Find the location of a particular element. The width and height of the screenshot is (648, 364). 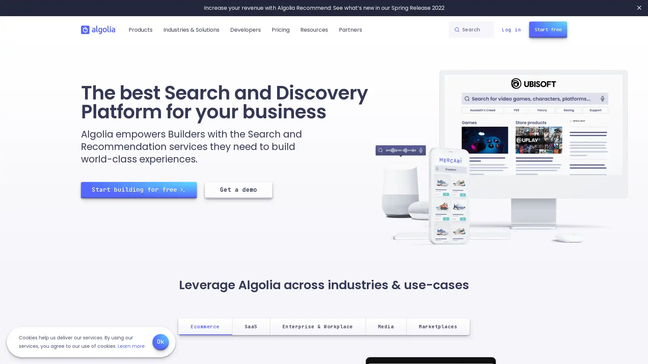

Developers is located at coordinates (248, 29).